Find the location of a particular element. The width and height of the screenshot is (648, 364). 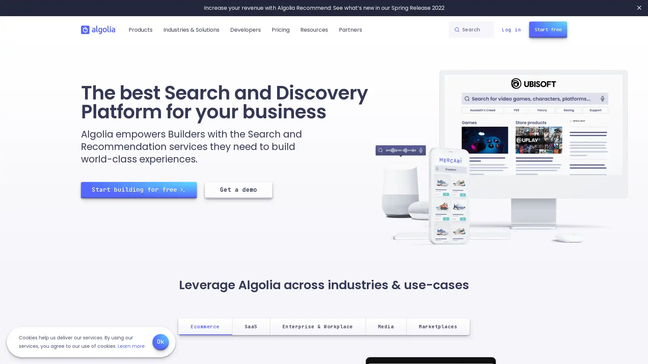

Developers is located at coordinates (248, 29).